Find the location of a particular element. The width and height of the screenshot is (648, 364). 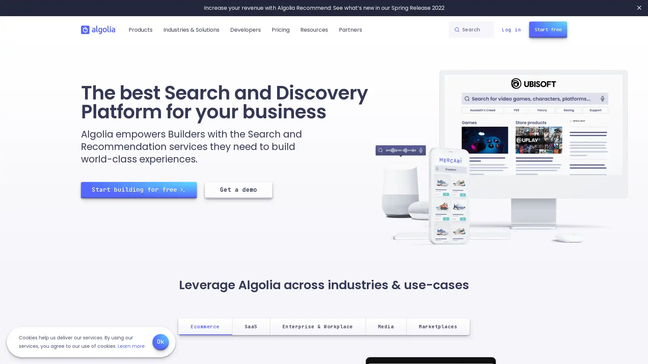

Developers is located at coordinates (248, 29).